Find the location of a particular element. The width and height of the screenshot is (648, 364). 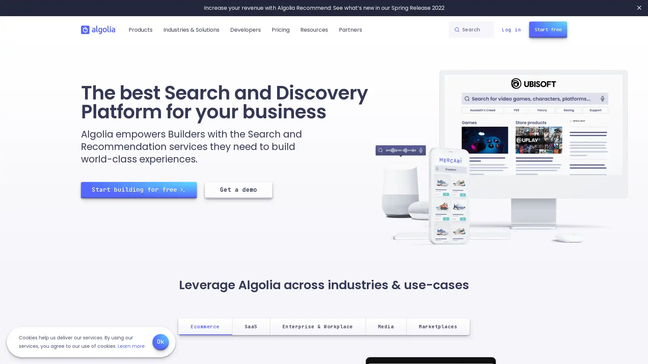

Developers is located at coordinates (248, 29).